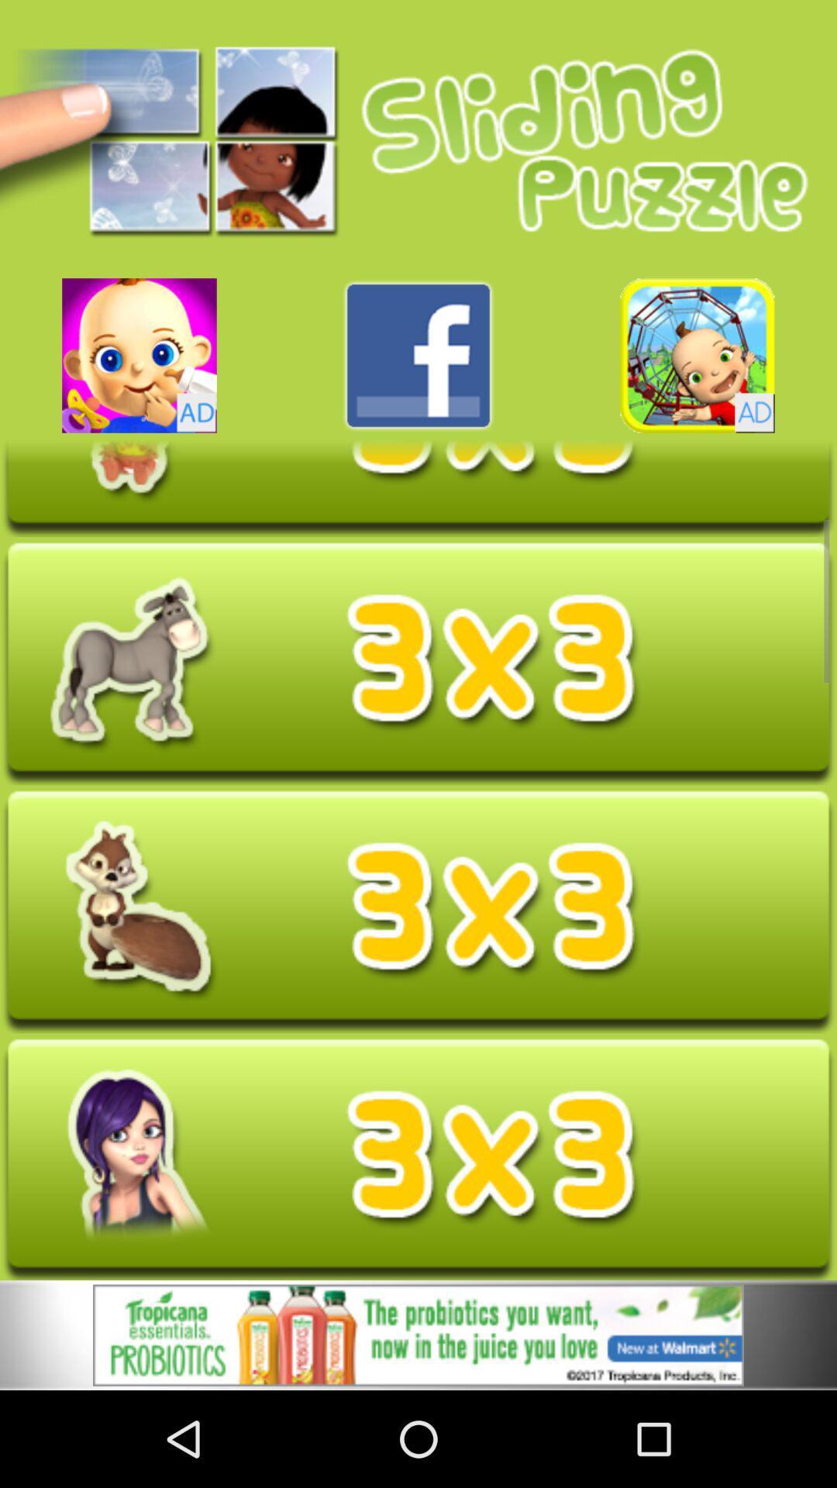  I want to click on advert, so click(696, 355).